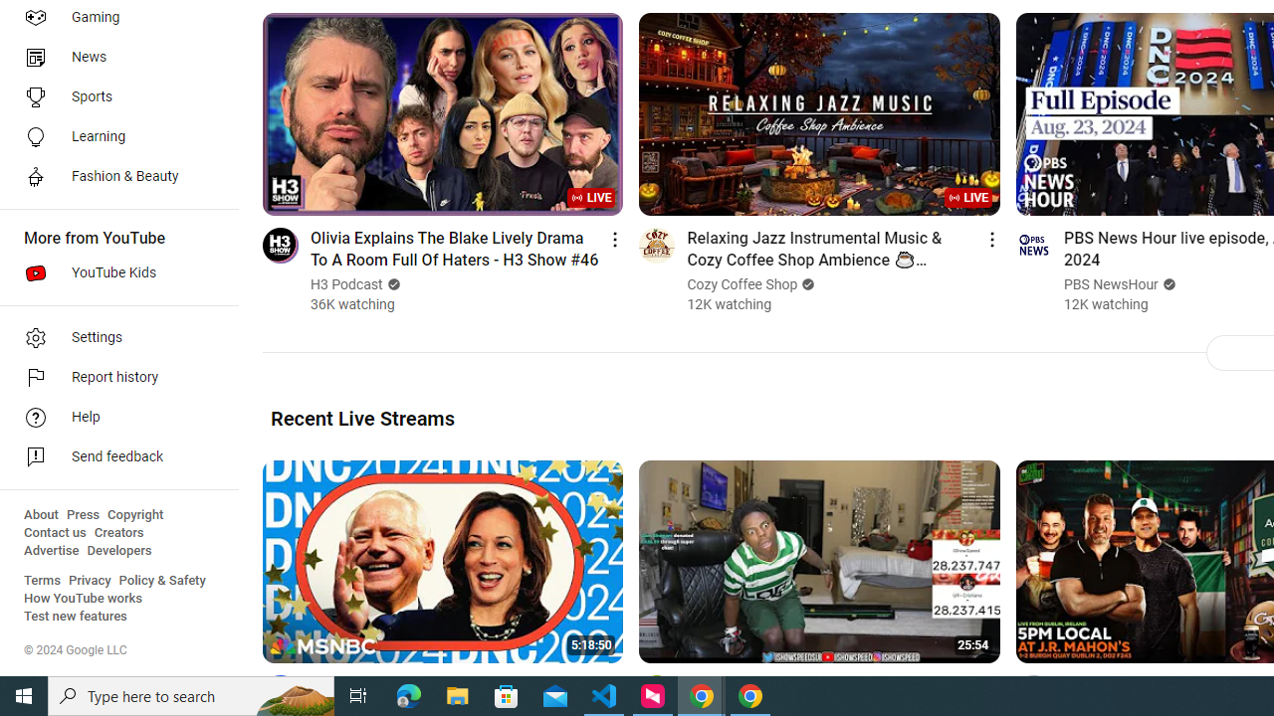  I want to click on 'Copyright', so click(134, 514).